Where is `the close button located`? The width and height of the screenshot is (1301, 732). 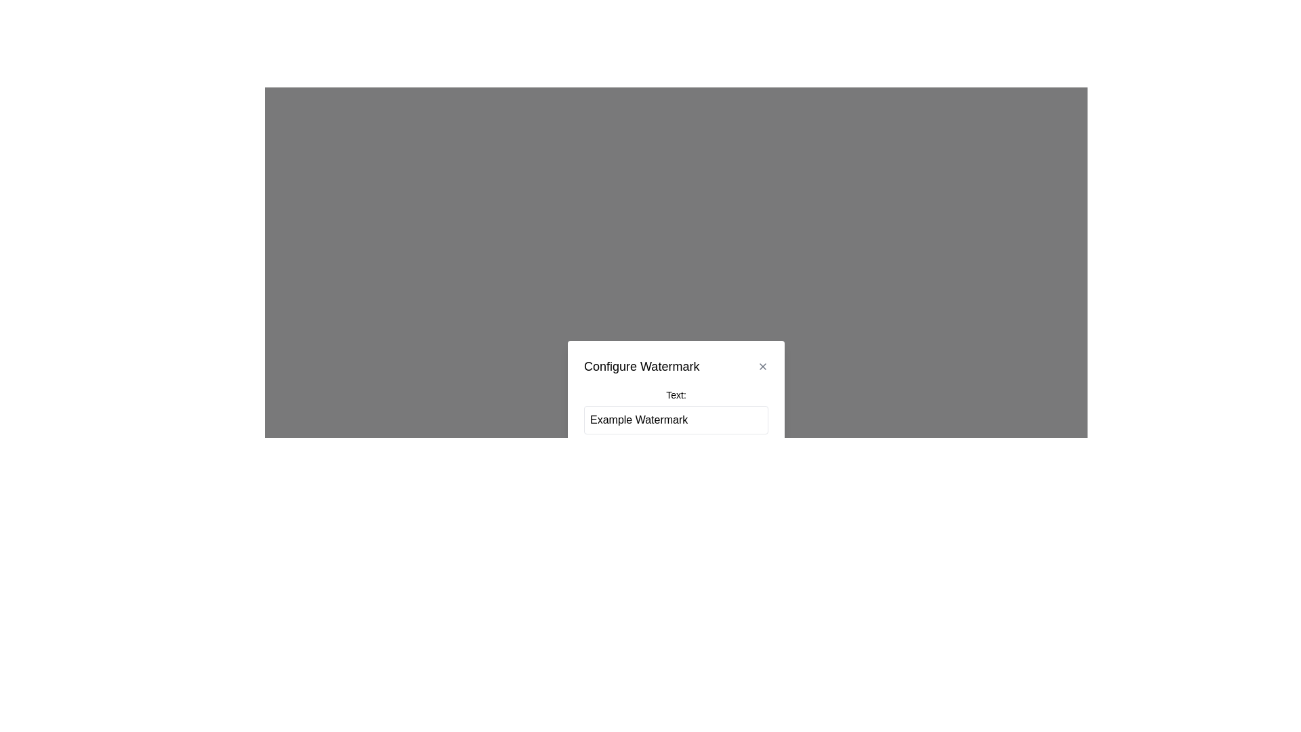 the close button located is located at coordinates (763, 366).